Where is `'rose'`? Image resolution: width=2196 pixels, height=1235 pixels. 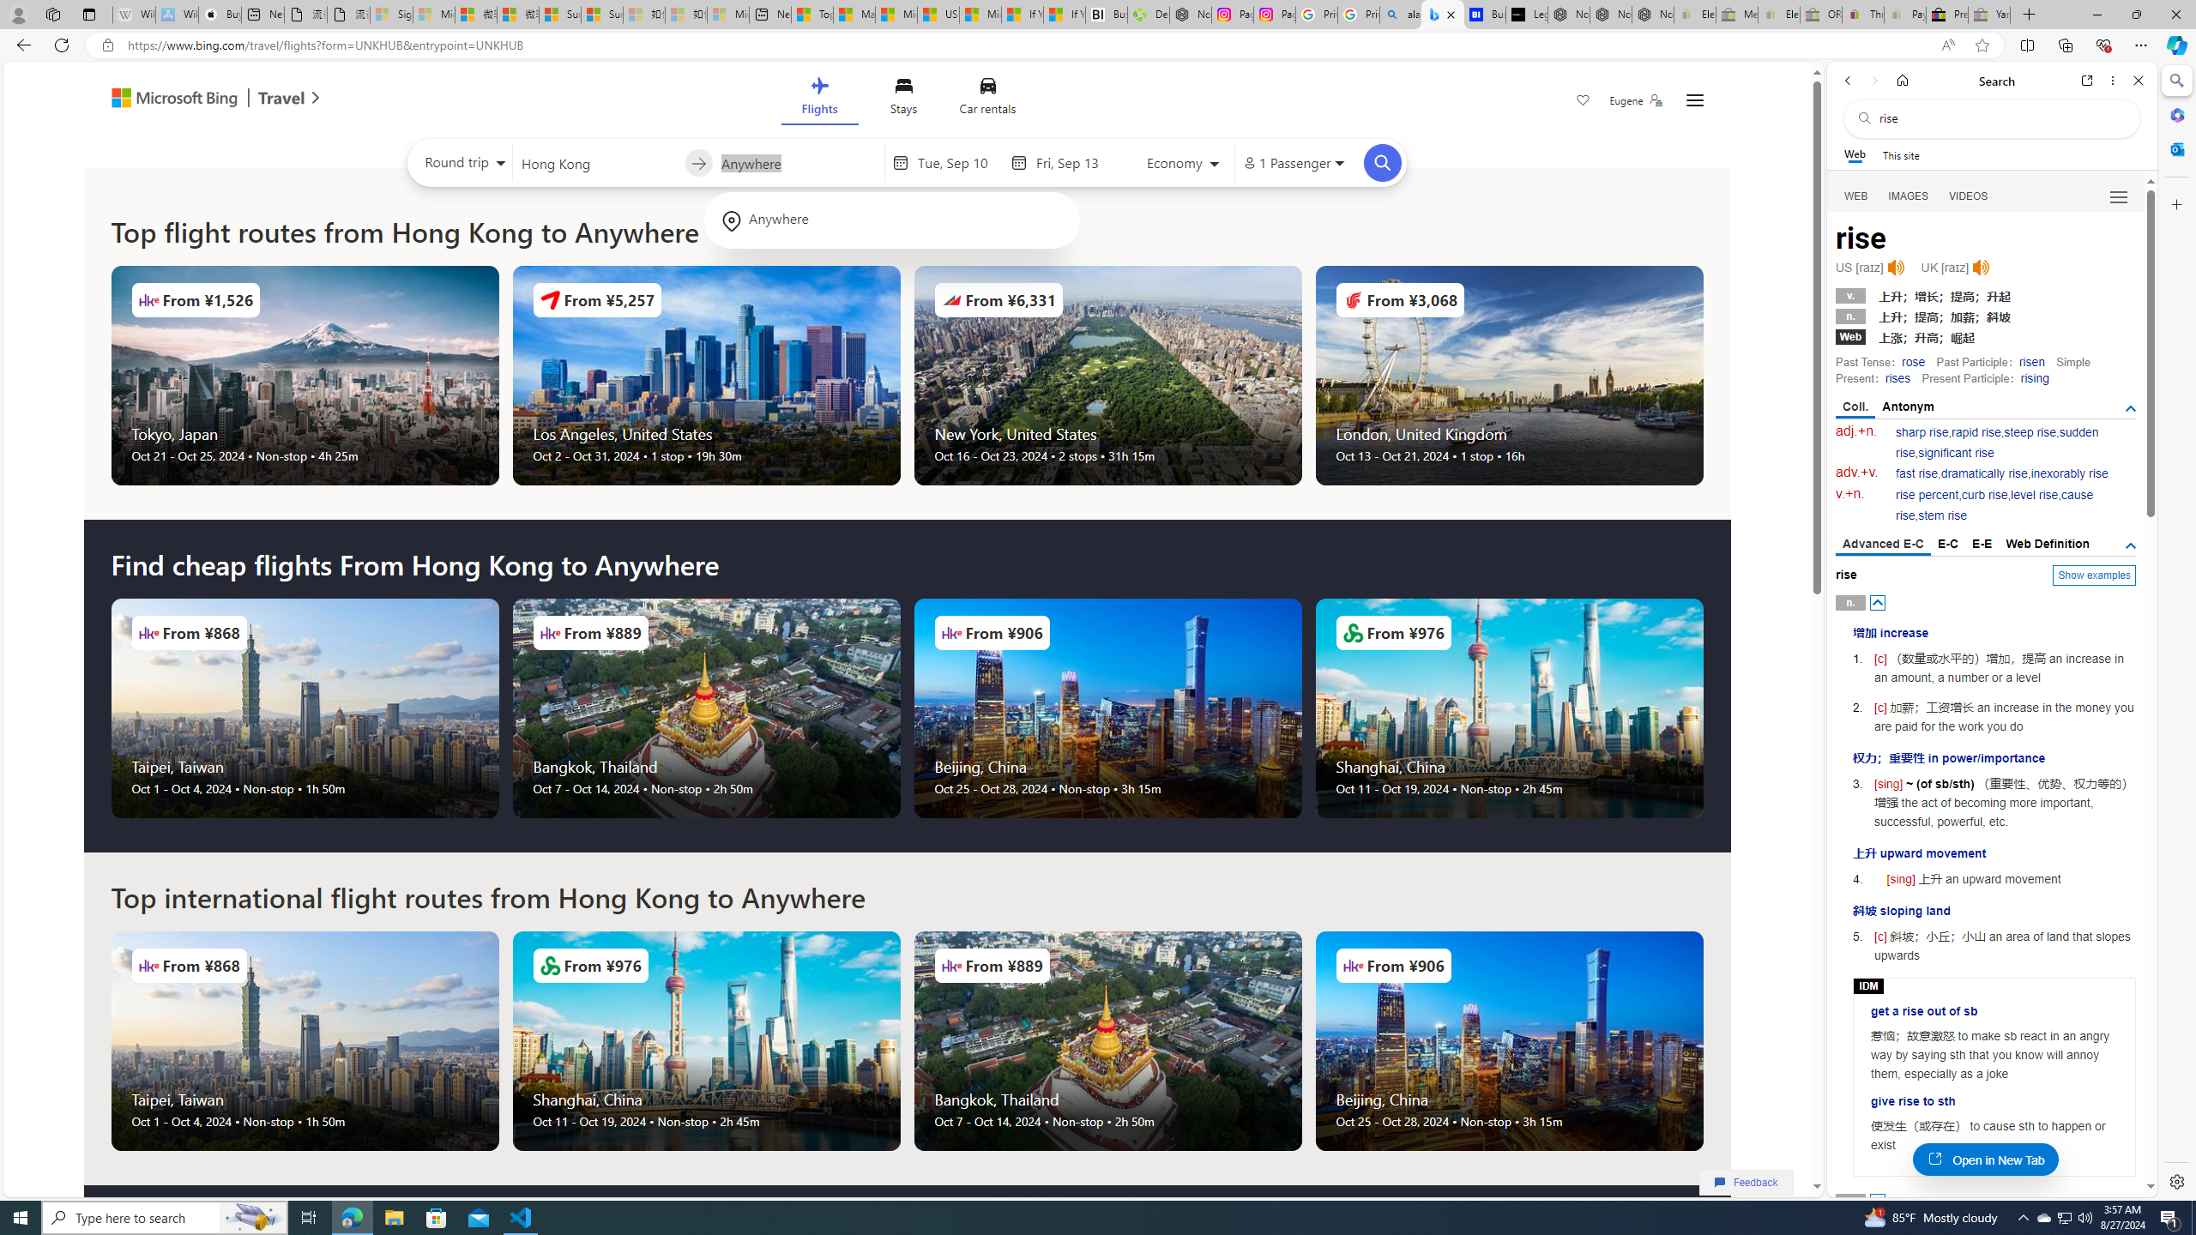
'rose' is located at coordinates (1913, 361).